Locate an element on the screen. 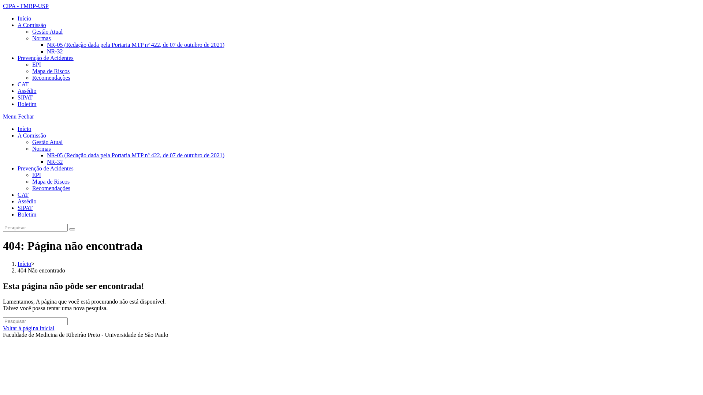  'Menu Fechar' is located at coordinates (18, 116).